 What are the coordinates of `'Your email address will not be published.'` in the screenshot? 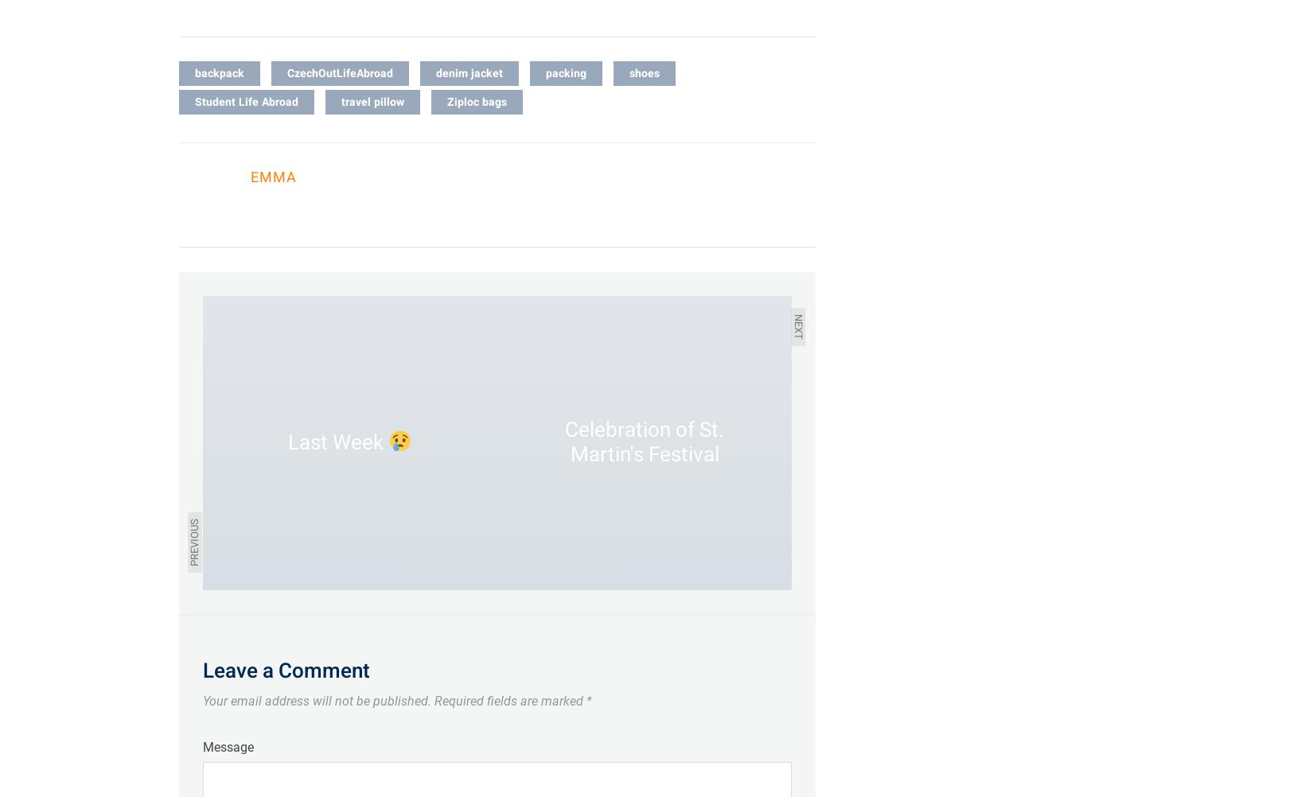 It's located at (317, 701).